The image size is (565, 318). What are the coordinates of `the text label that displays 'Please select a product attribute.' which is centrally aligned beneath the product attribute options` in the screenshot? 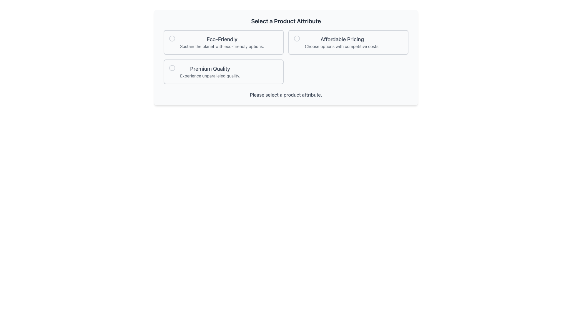 It's located at (286, 94).